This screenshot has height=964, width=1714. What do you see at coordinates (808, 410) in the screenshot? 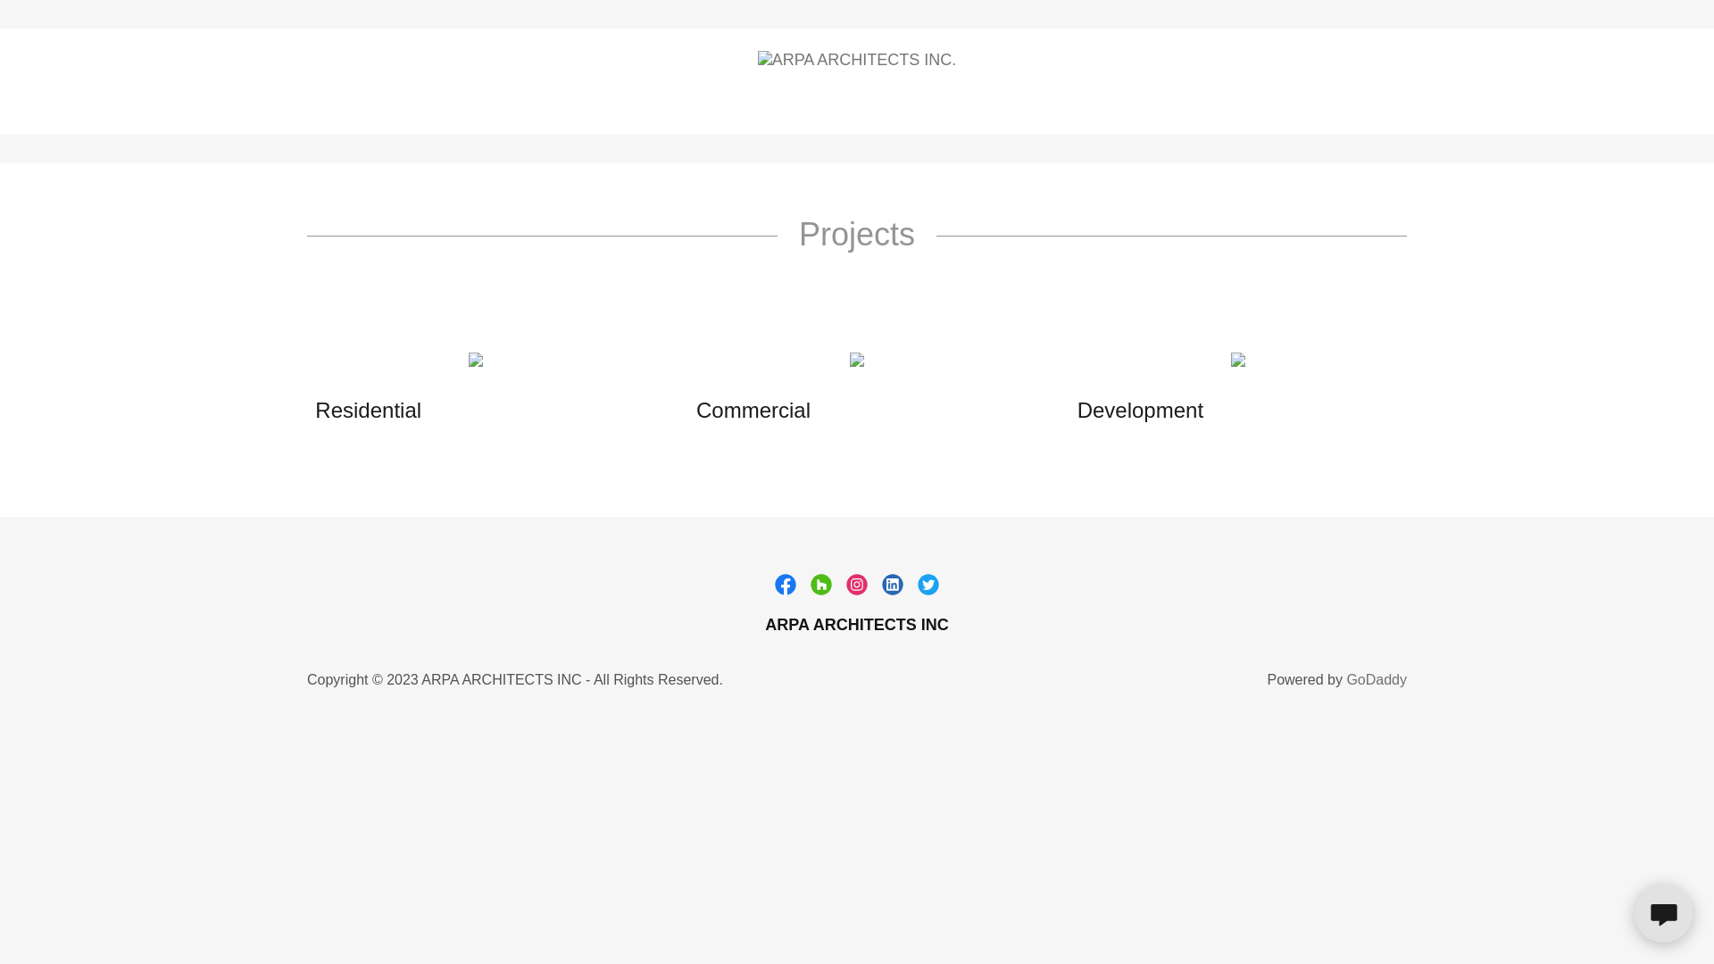
I see `'Commercial'` at bounding box center [808, 410].